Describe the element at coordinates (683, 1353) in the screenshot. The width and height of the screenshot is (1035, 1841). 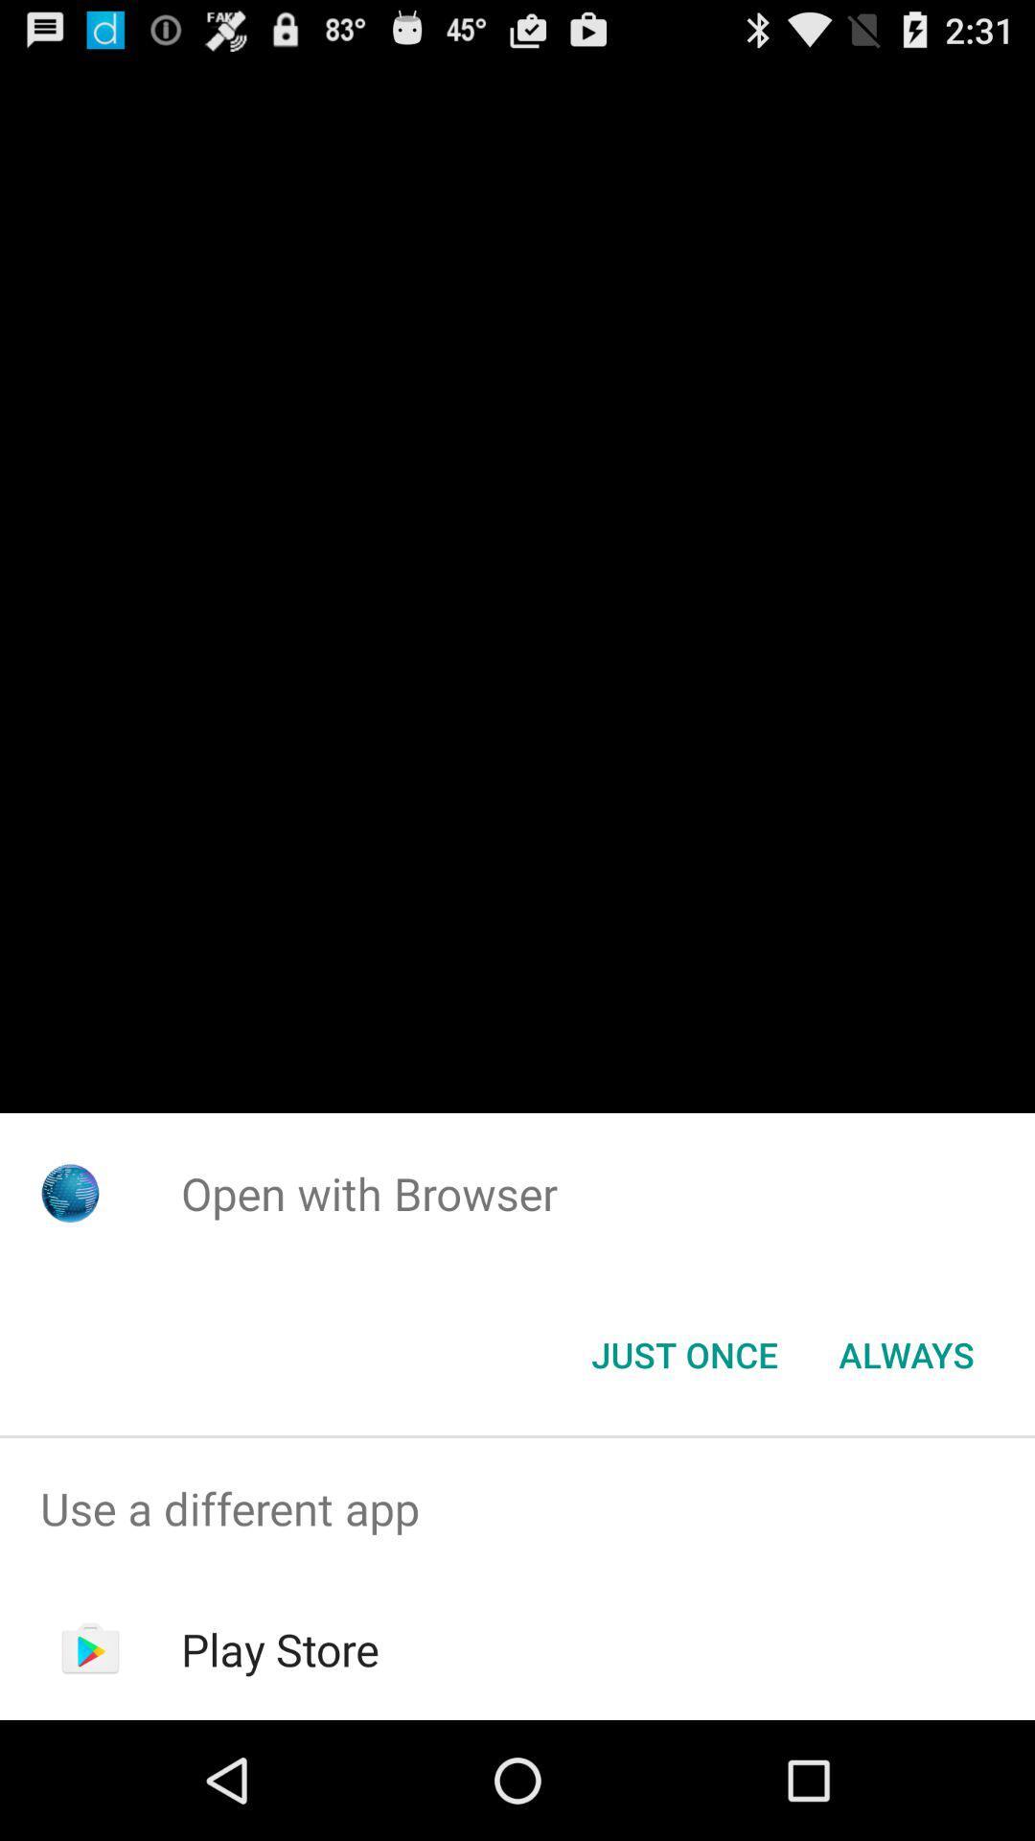
I see `button to the left of always icon` at that location.